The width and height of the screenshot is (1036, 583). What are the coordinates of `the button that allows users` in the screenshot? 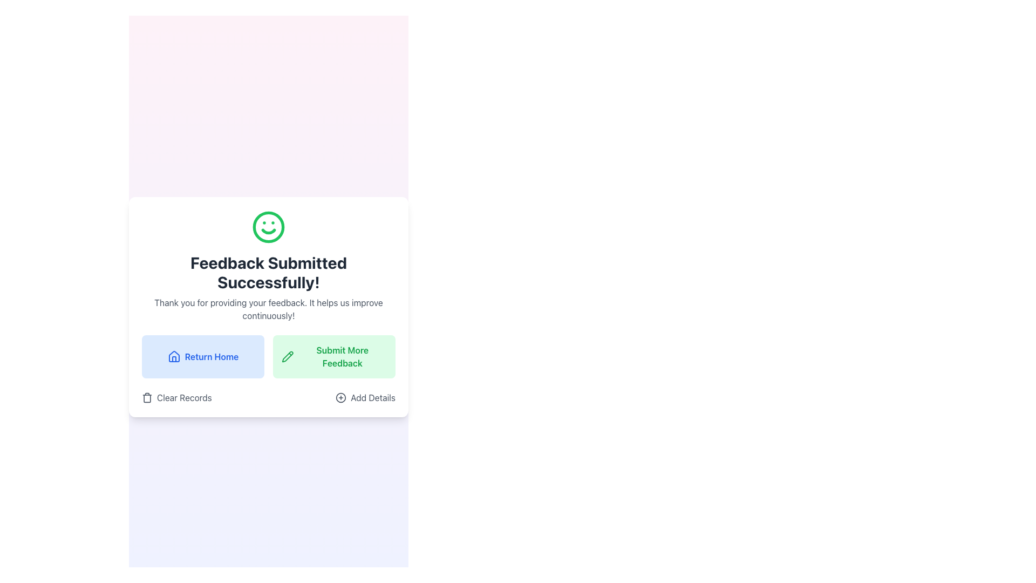 It's located at (365, 397).